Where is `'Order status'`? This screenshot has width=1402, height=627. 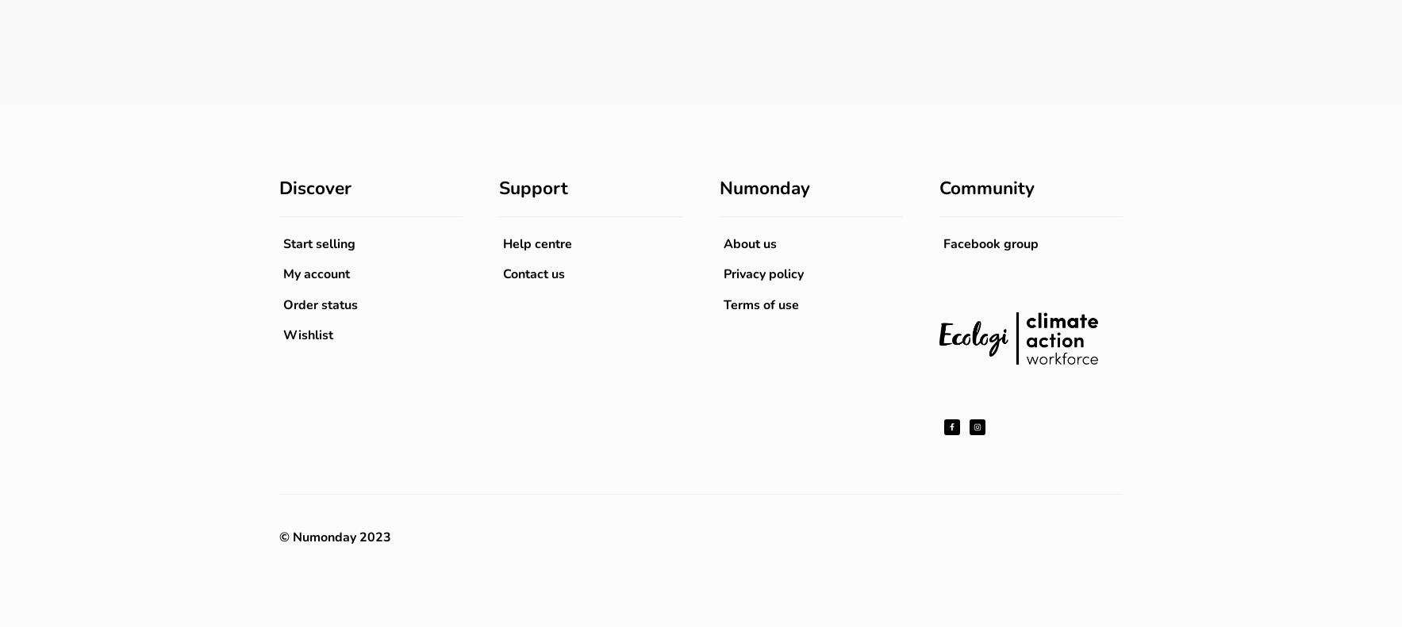 'Order status' is located at coordinates (320, 304).